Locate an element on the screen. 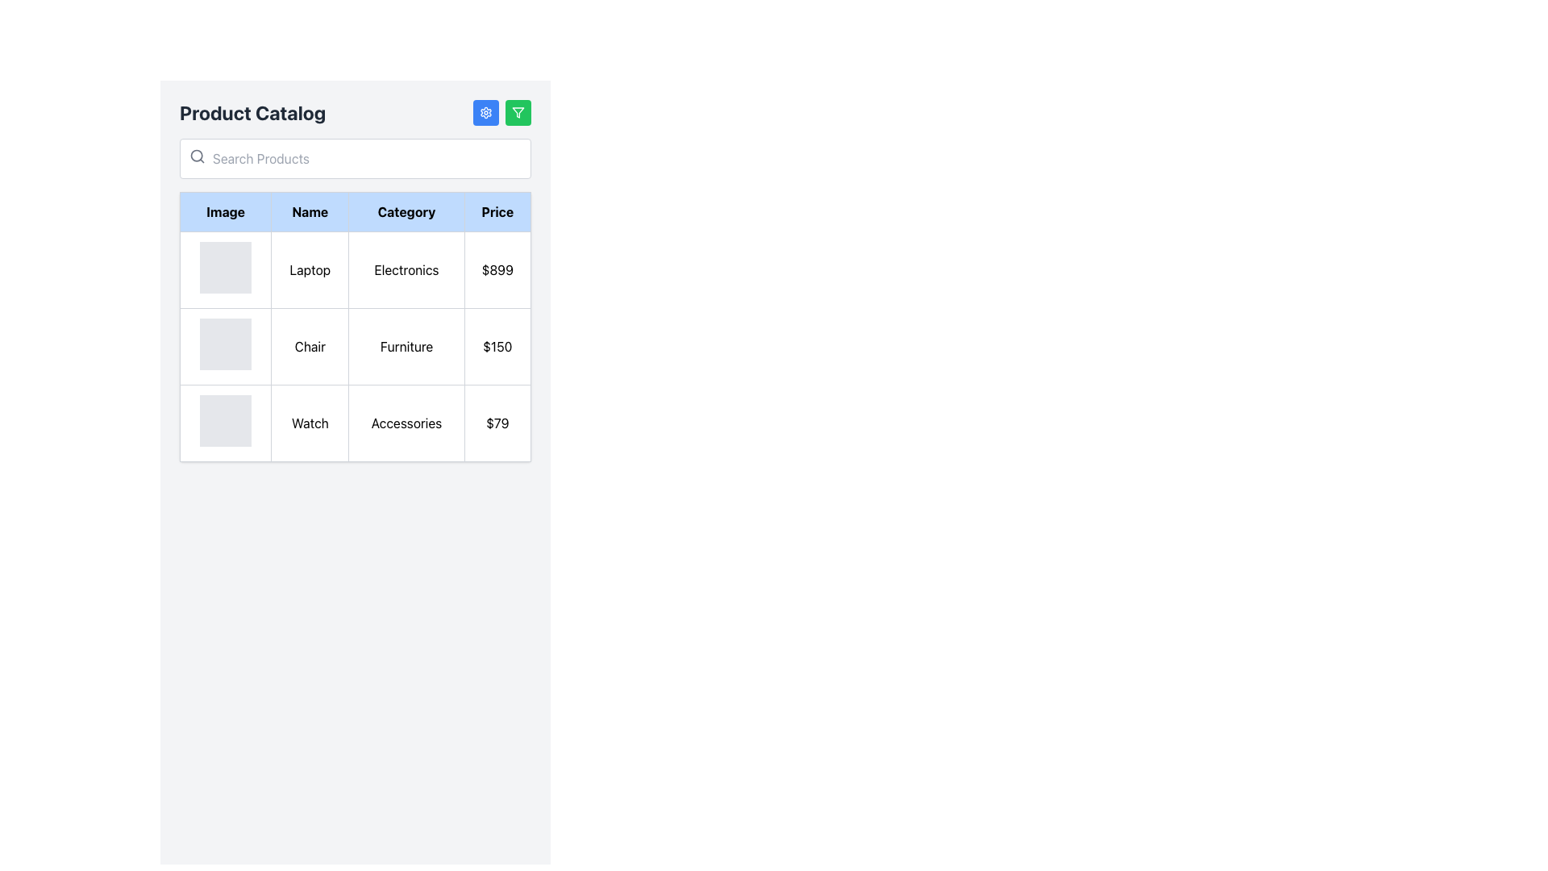  the circular part of the magnifying glass icon representing the search feature, located in the top left section of the interface, adjacent to the search bar is located at coordinates (196, 156).